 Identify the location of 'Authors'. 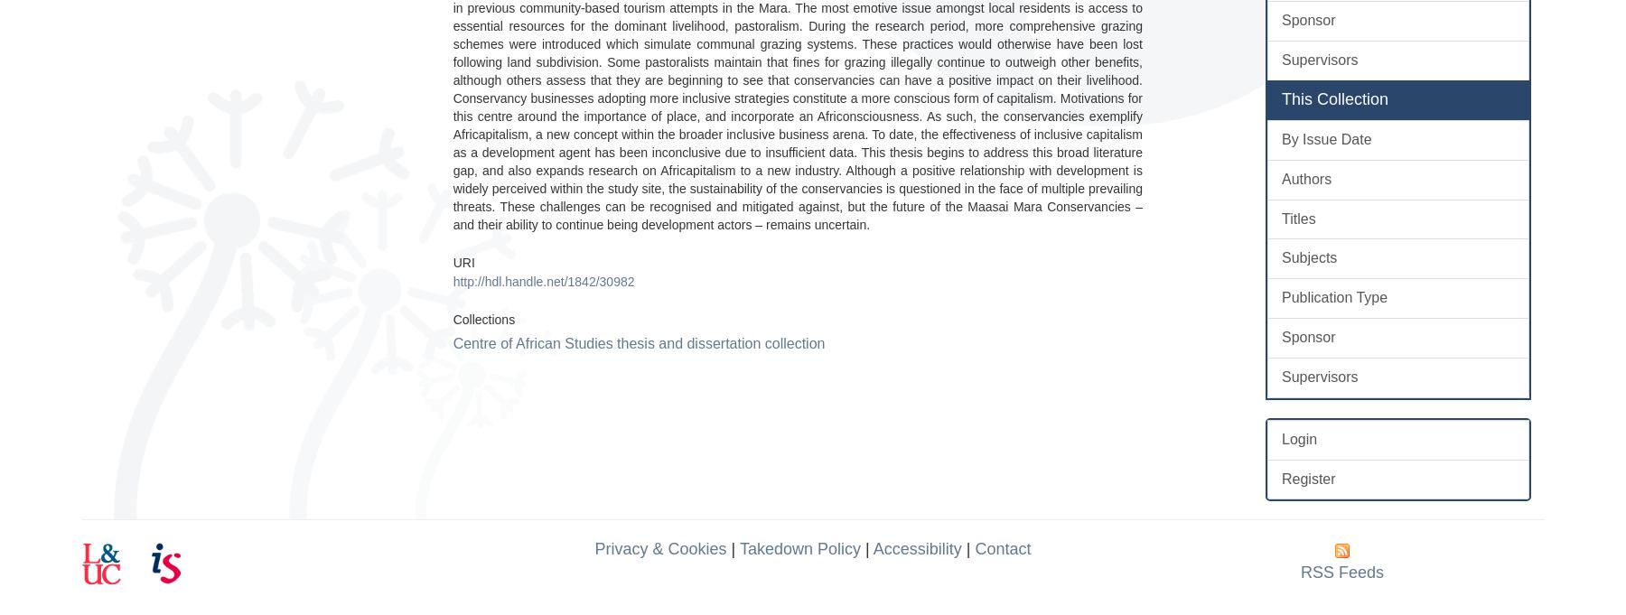
(1305, 178).